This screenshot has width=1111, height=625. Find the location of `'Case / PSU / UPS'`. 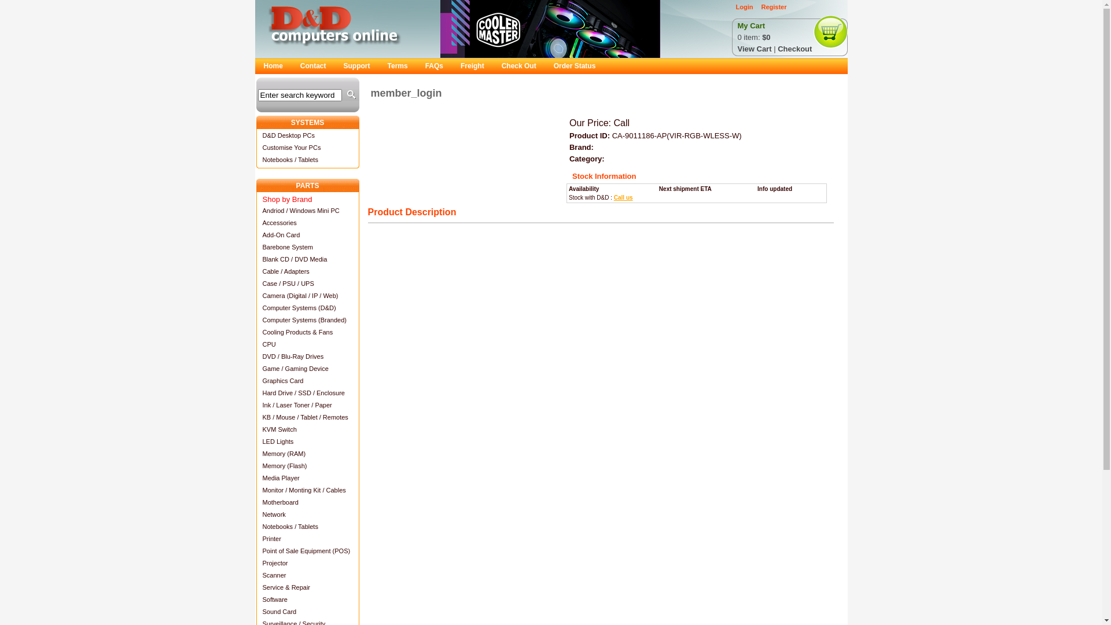

'Case / PSU / UPS' is located at coordinates (255, 283).